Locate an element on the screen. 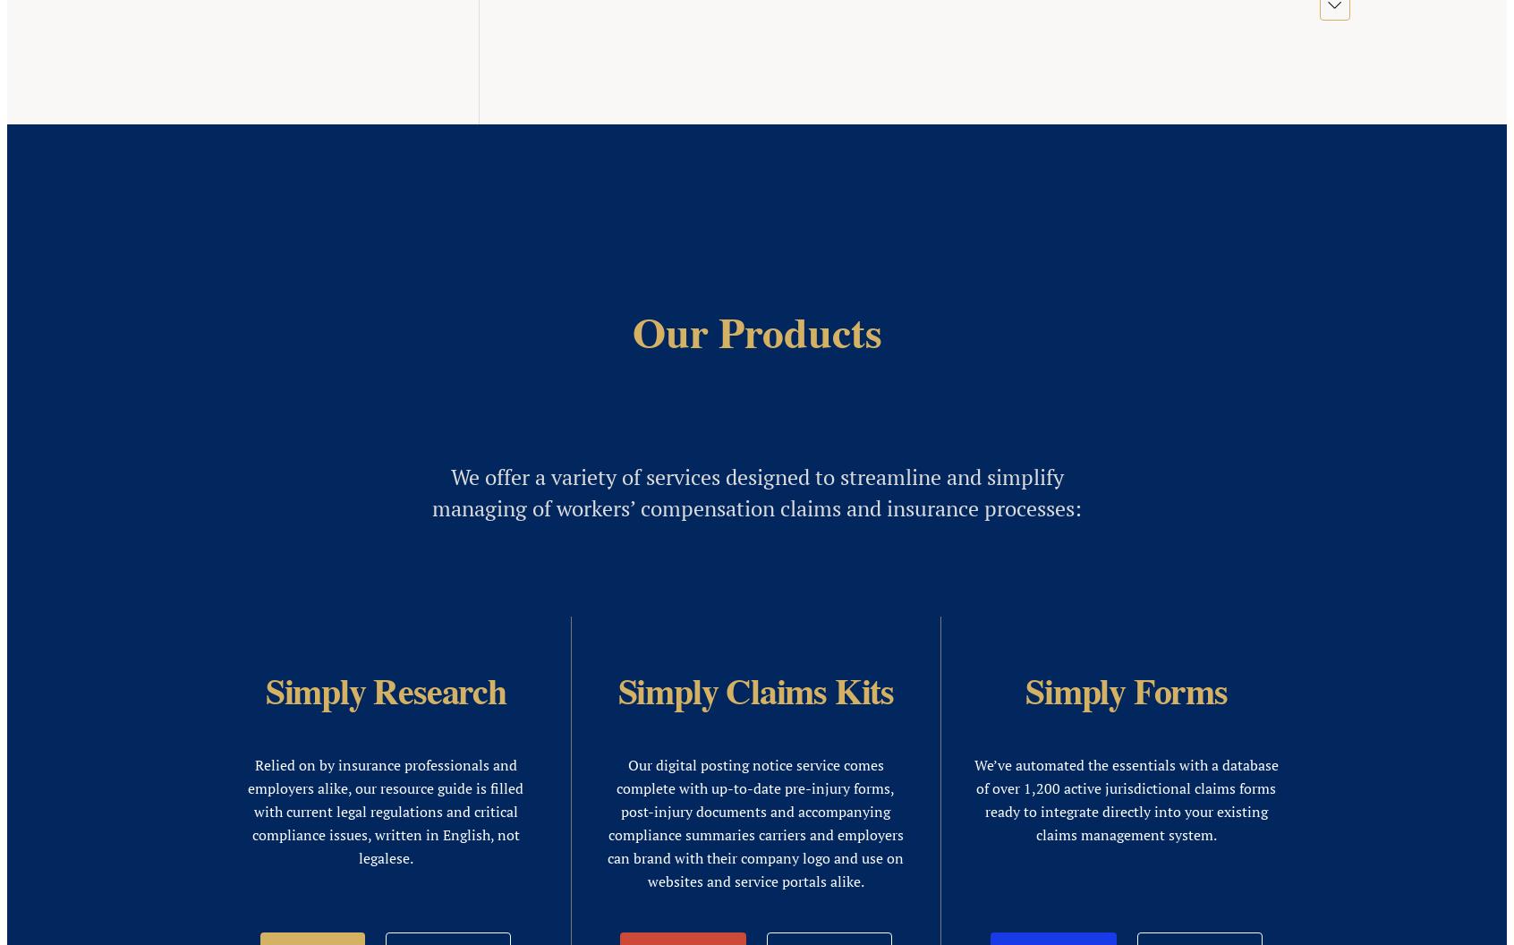 The width and height of the screenshot is (1514, 945). 'Sign Up for Our Newsletter' is located at coordinates (274, 718).